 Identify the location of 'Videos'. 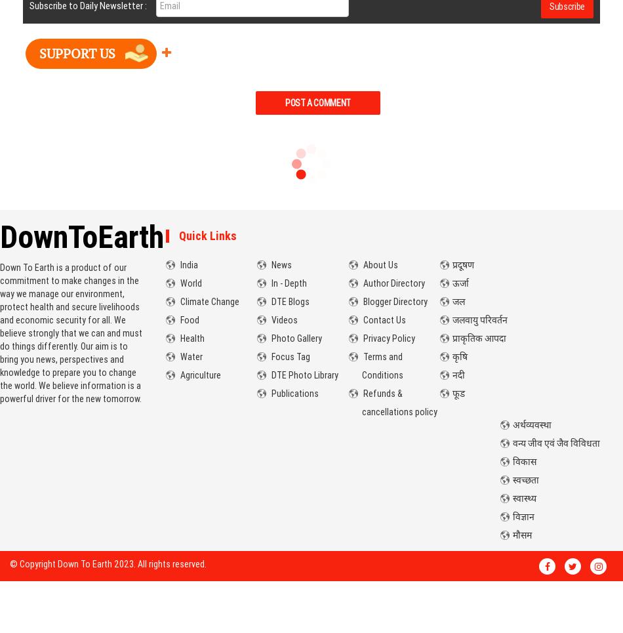
(283, 320).